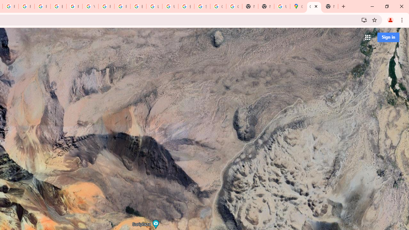 This screenshot has width=409, height=230. I want to click on 'Install Google Maps', so click(364, 19).